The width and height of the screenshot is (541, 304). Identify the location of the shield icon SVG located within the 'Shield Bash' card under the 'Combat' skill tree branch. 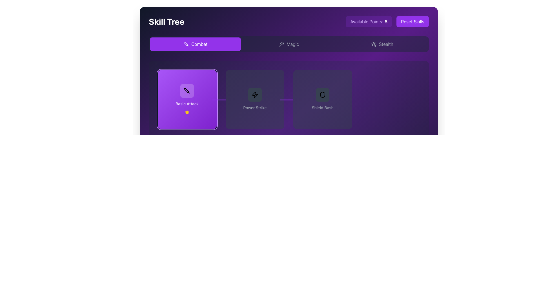
(323, 95).